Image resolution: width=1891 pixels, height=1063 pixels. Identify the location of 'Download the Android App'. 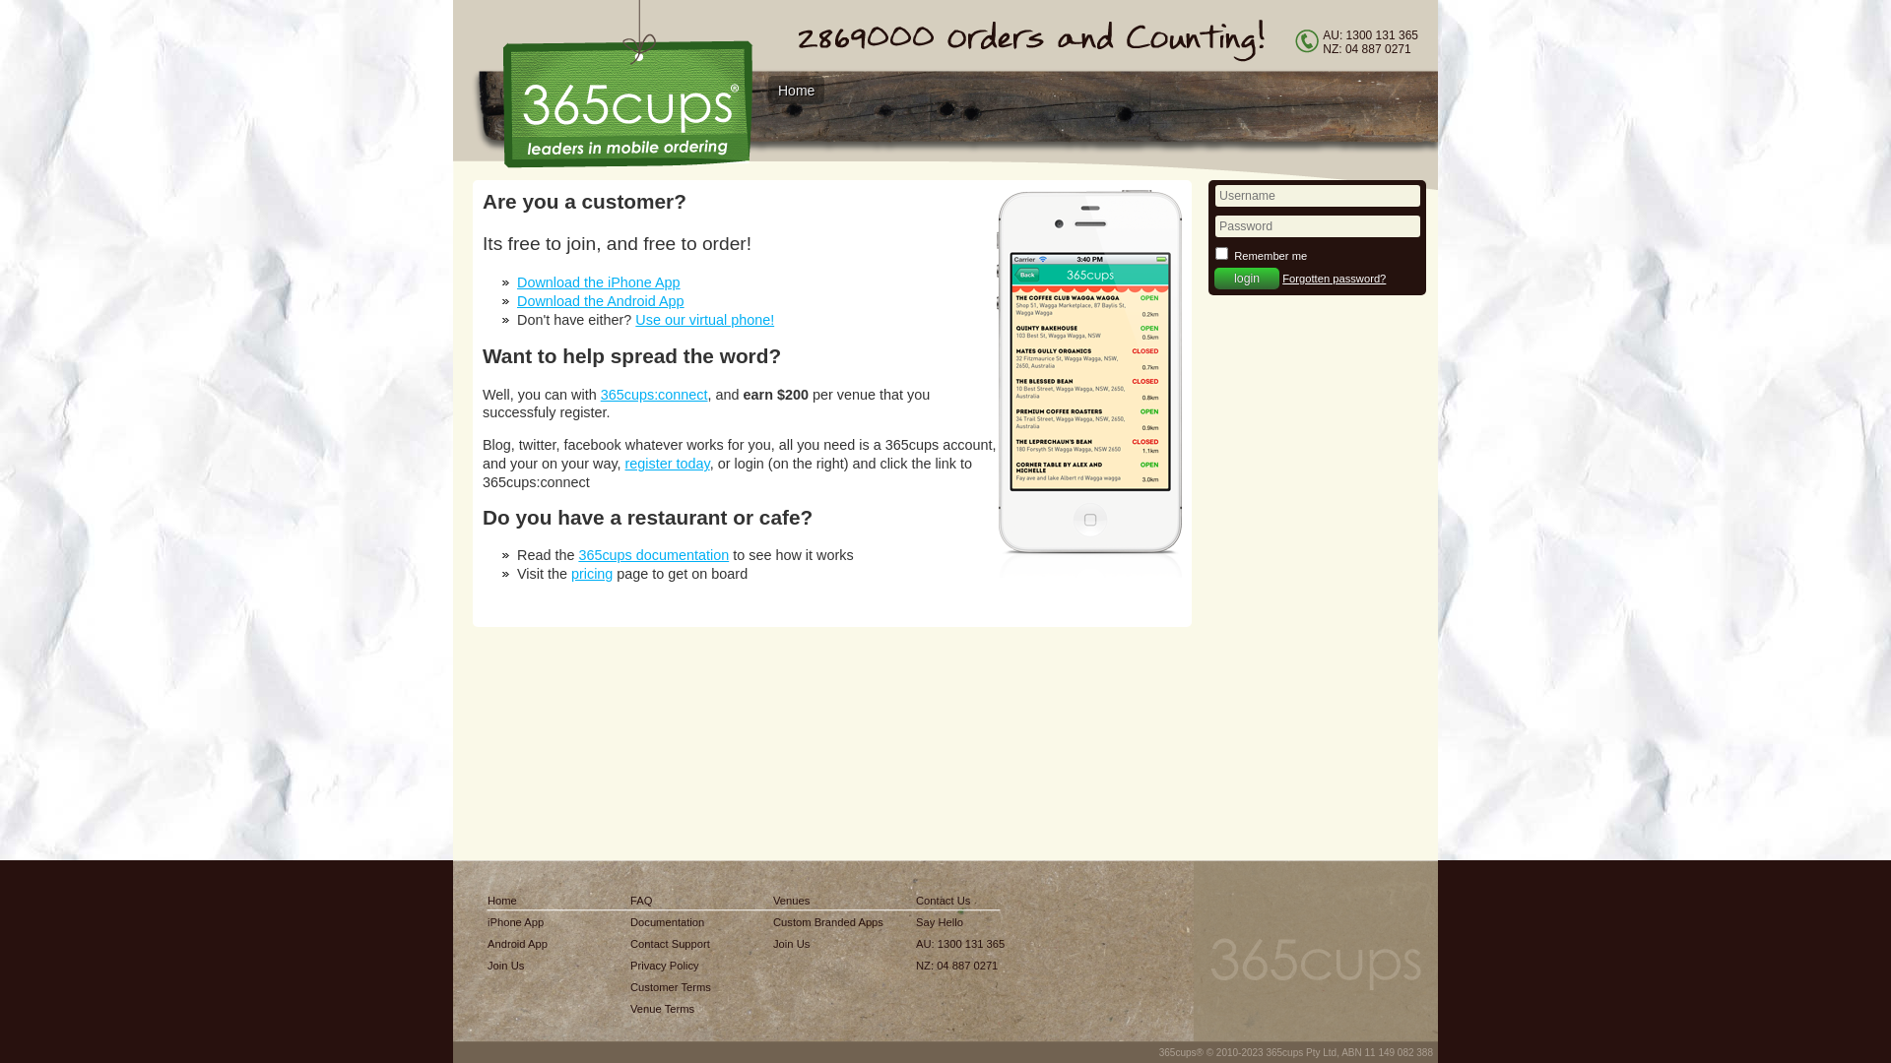
(599, 300).